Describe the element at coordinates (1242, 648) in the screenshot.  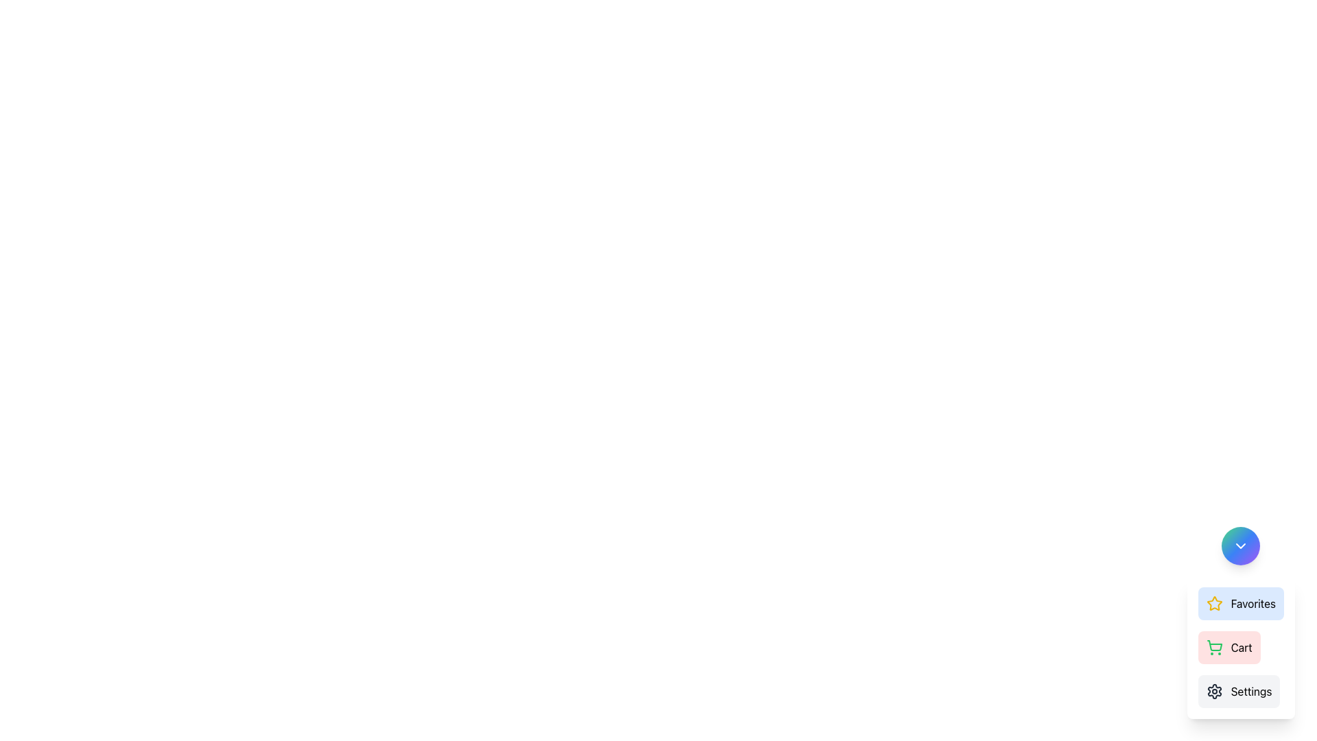
I see `the 'Cart' text label element, which is part of a menu adjacent to a shopping cart icon` at that location.